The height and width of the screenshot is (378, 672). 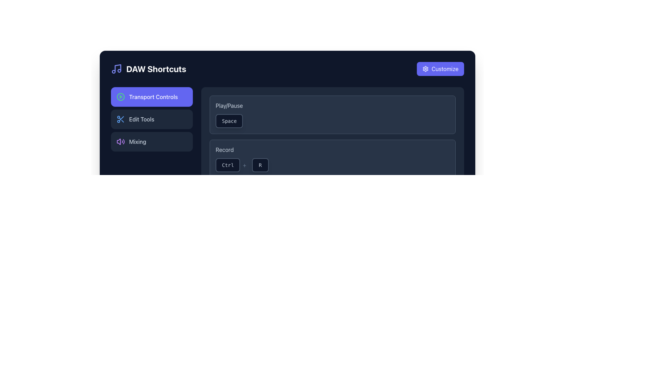 What do you see at coordinates (152, 119) in the screenshot?
I see `the editing tools button, which is the second item in a vertical list, located between the 'Transport Controls' button and the 'Mixing' button` at bounding box center [152, 119].